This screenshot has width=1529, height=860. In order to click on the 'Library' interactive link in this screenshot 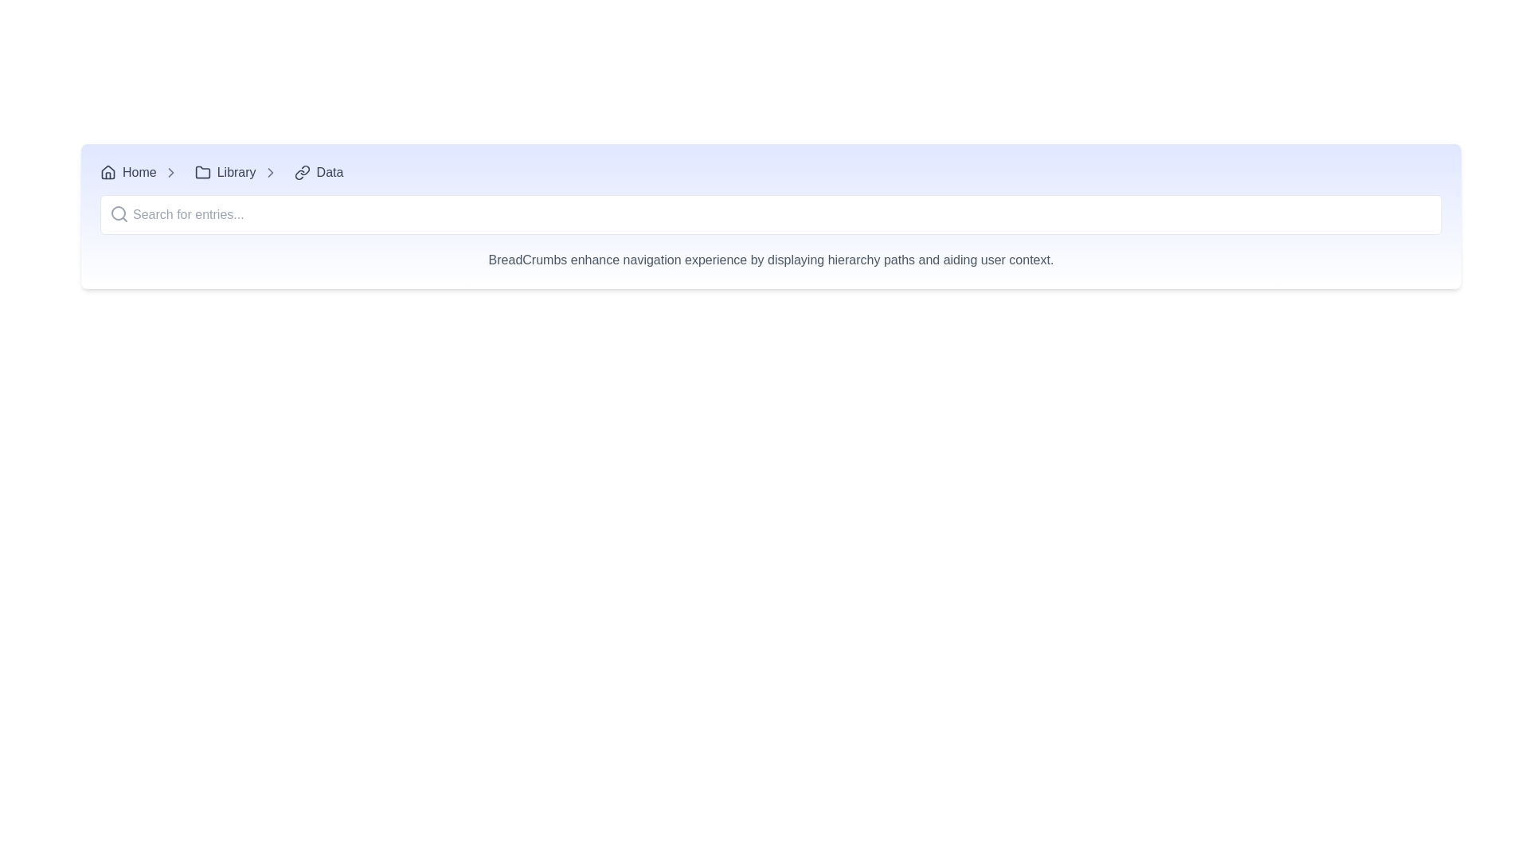, I will do `click(225, 172)`.